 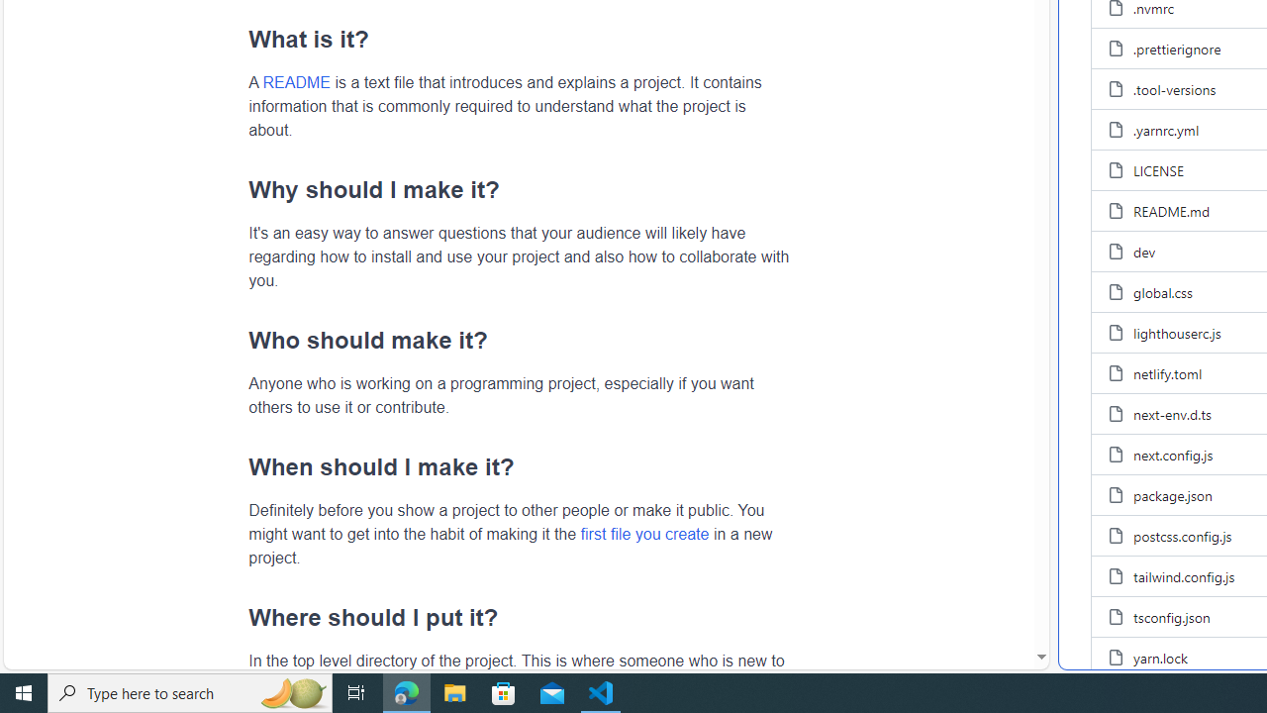 I want to click on 'first file you create', so click(x=644, y=532).